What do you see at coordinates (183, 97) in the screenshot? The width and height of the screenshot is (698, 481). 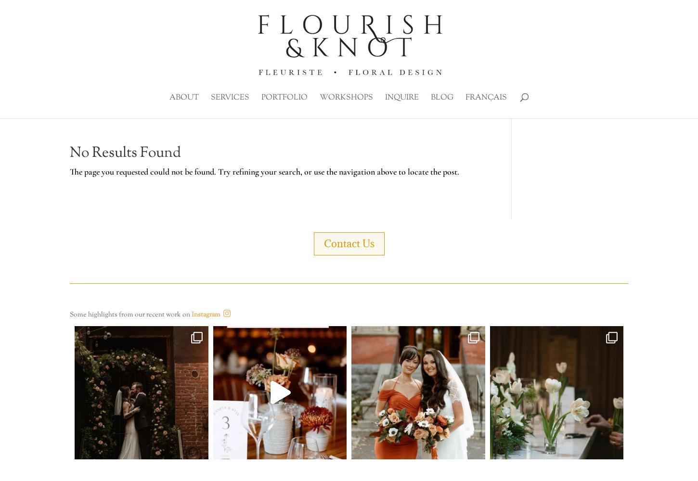 I see `'About'` at bounding box center [183, 97].